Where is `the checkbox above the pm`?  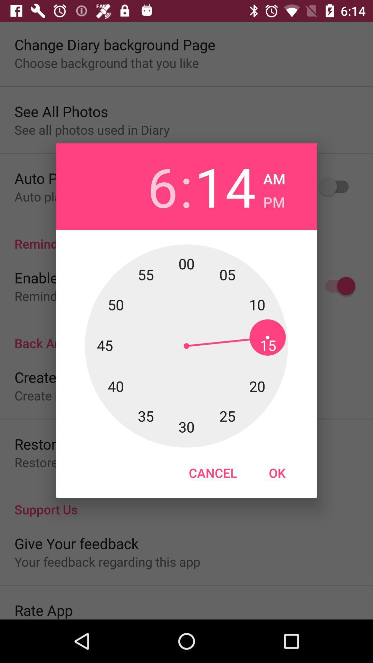
the checkbox above the pm is located at coordinates (274, 177).